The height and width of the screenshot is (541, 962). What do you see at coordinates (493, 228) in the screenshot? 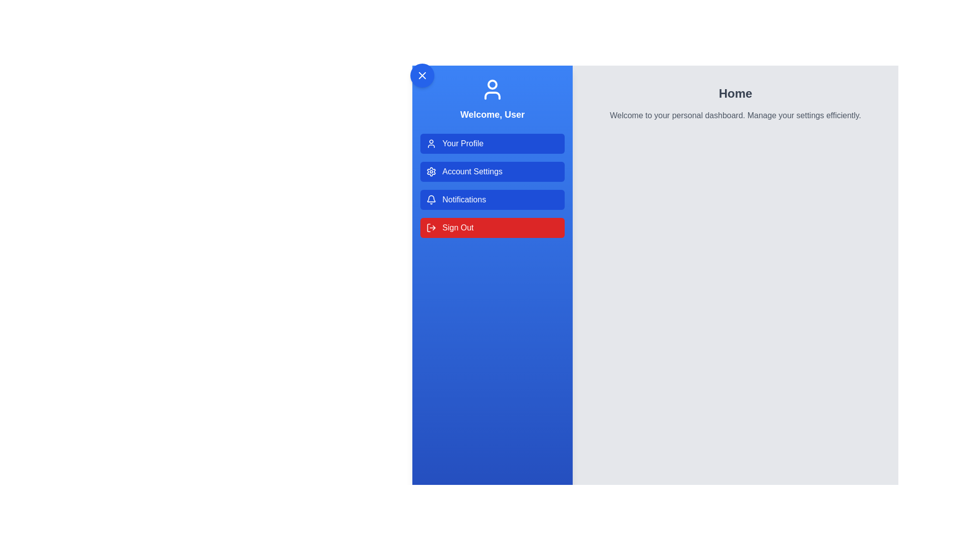
I see `the menu option Sign Out from the UserProfileDrawer` at bounding box center [493, 228].